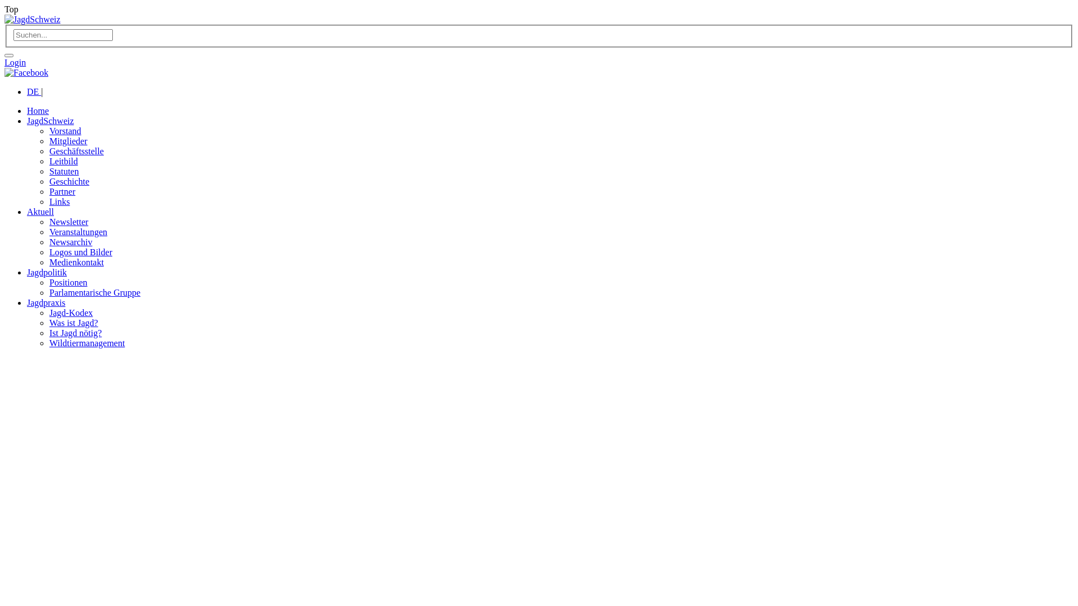  Describe the element at coordinates (63, 161) in the screenshot. I see `'Leitbild'` at that location.